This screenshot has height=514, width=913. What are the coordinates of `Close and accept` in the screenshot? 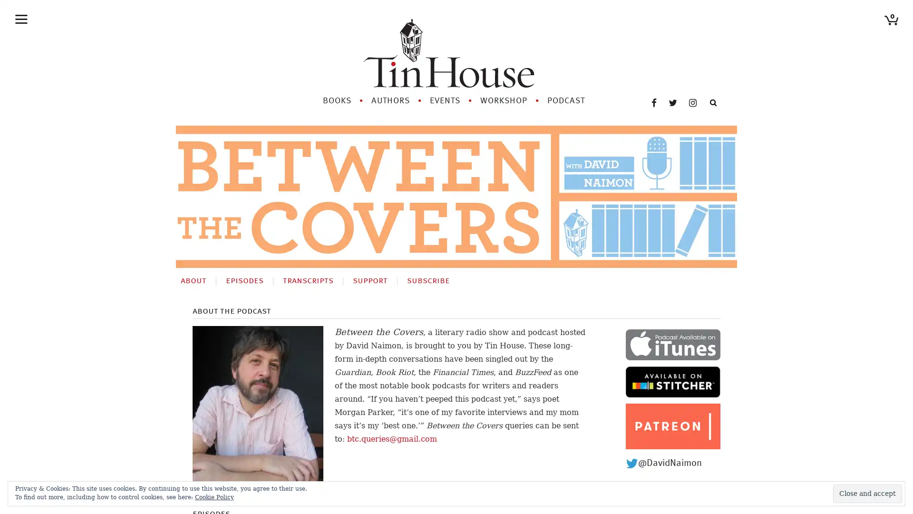 It's located at (867, 493).